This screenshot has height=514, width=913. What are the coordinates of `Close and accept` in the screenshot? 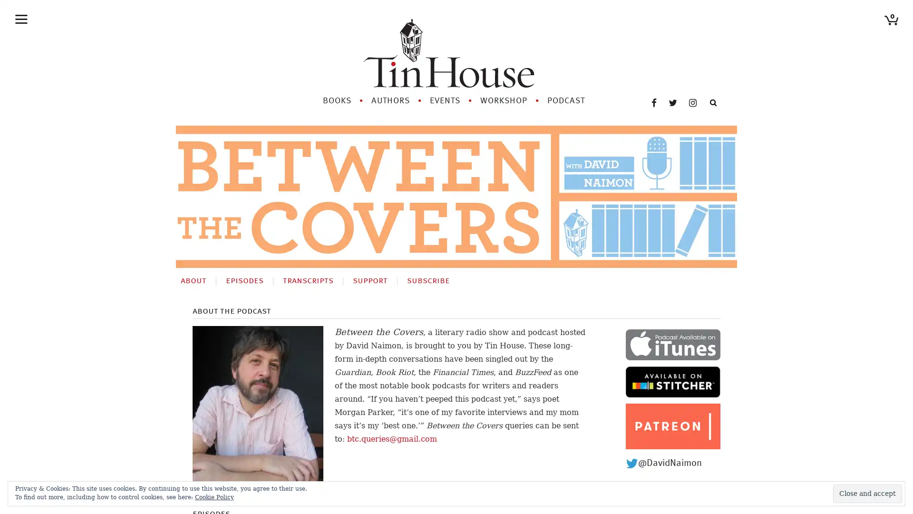 It's located at (867, 493).